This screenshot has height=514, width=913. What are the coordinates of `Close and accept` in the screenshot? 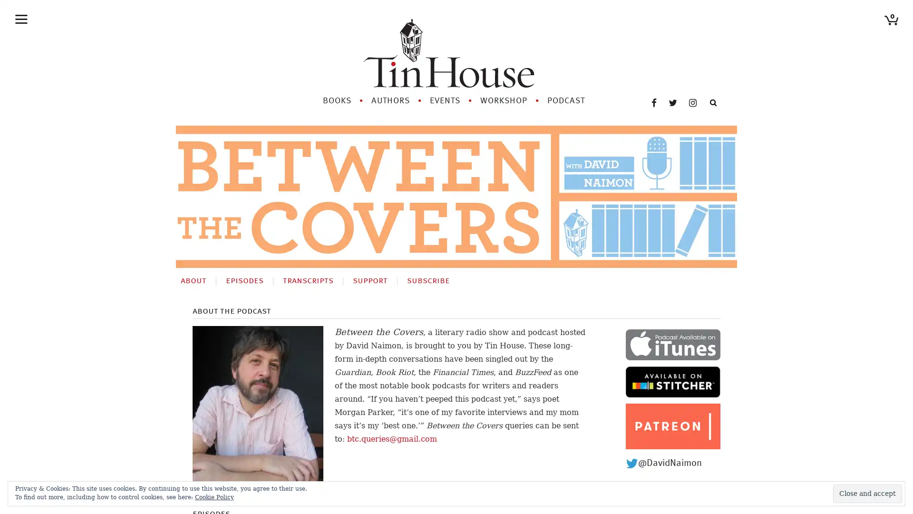 It's located at (867, 493).